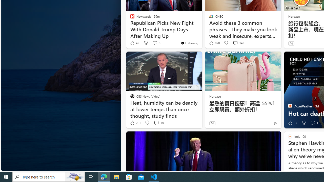  I want to click on '15 Like', so click(292, 123).